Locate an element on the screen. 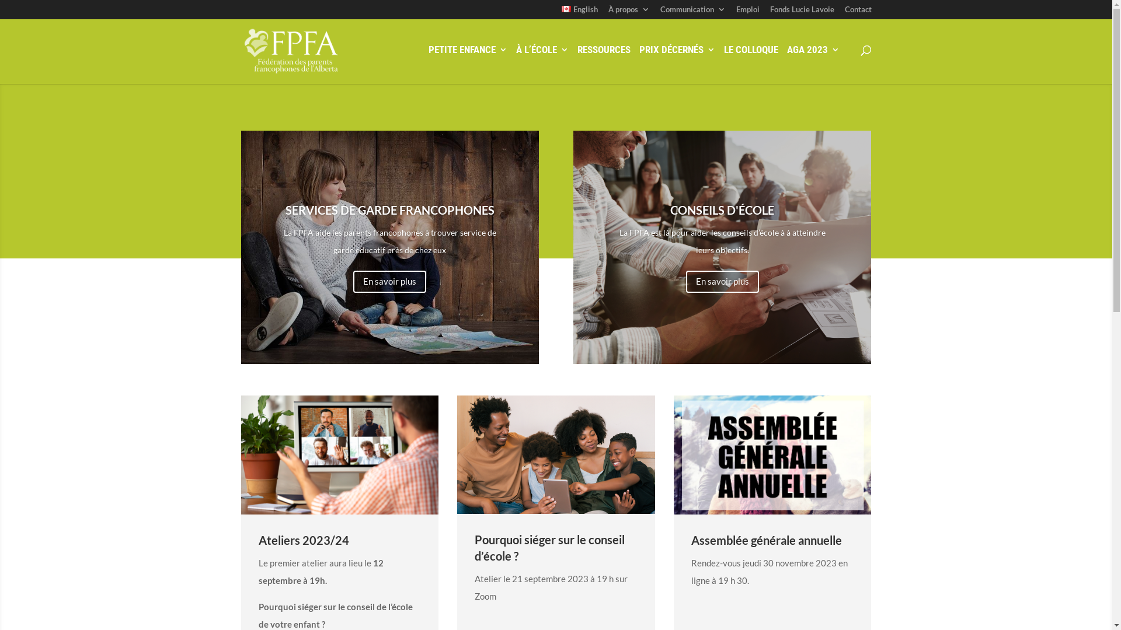 Image resolution: width=1121 pixels, height=630 pixels. 'Emploi' is located at coordinates (747, 12).